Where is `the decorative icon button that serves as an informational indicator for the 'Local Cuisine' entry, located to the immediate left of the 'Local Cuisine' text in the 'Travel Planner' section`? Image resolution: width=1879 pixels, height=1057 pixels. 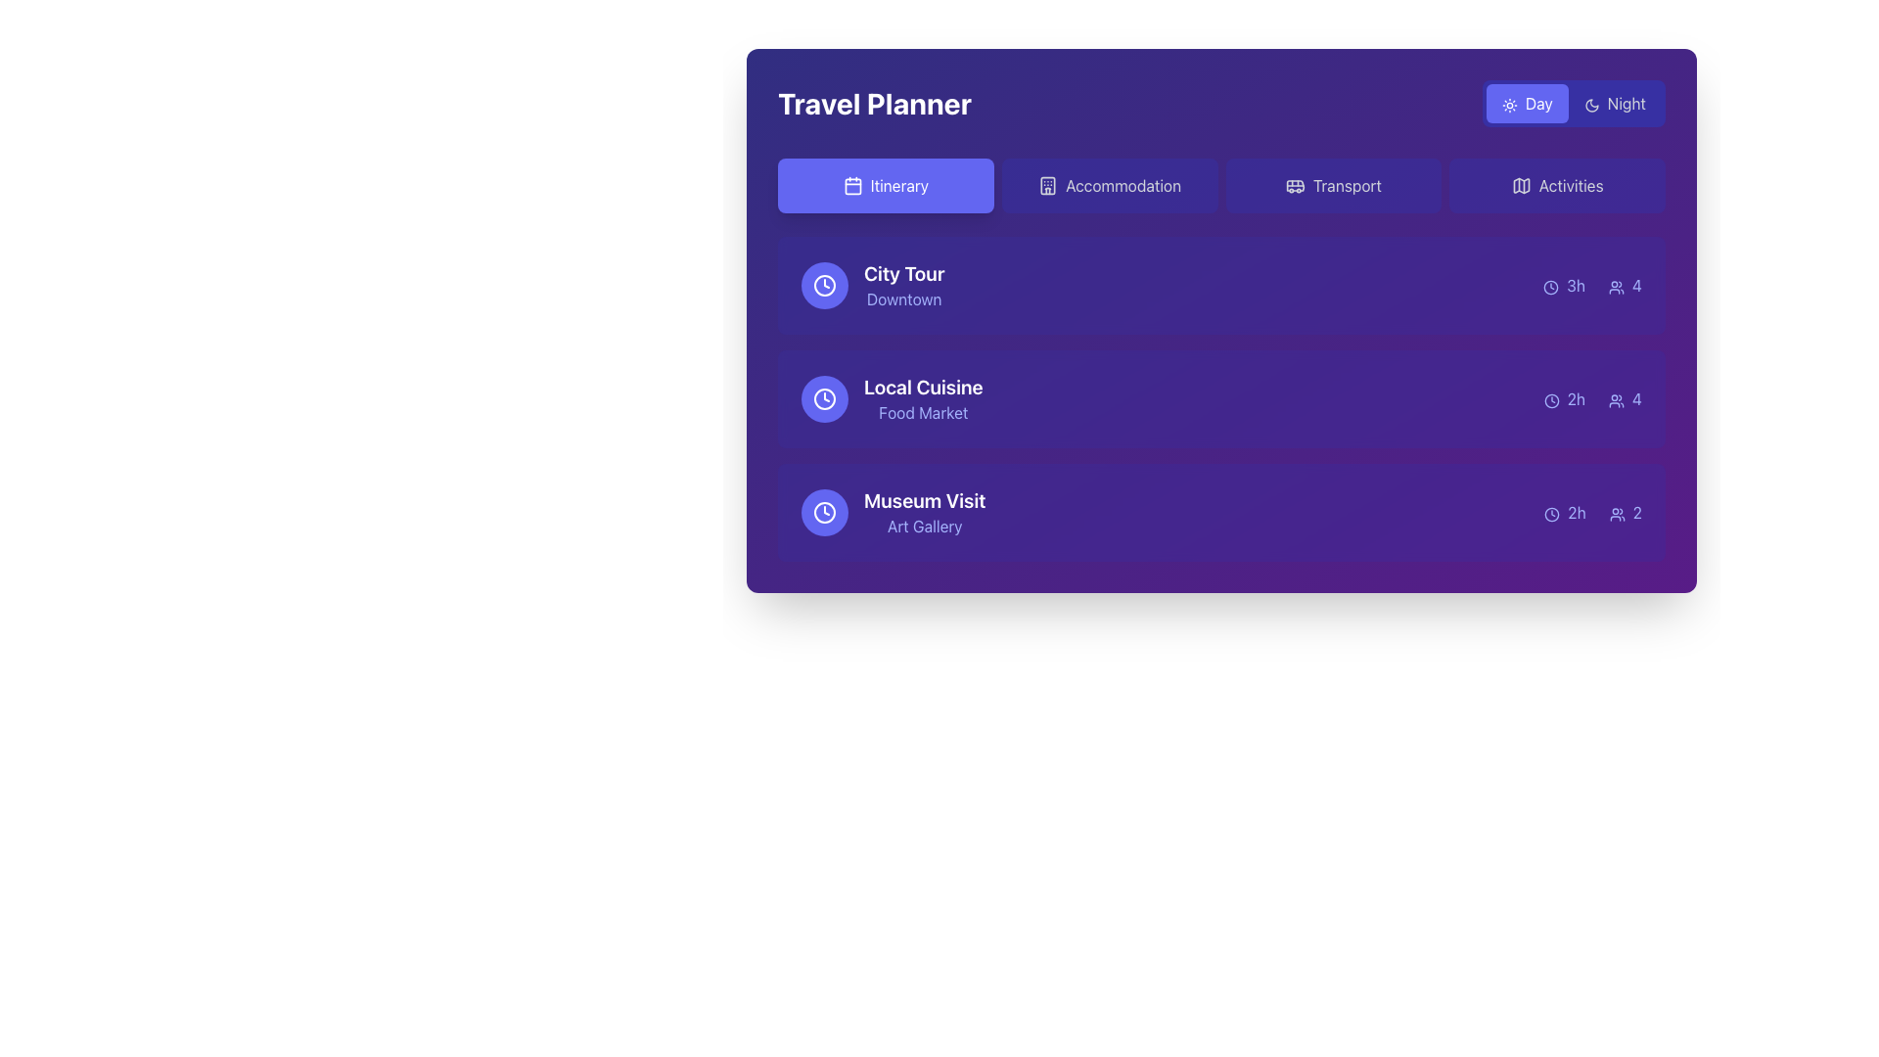
the decorative icon button that serves as an informational indicator for the 'Local Cuisine' entry, located to the immediate left of the 'Local Cuisine' text in the 'Travel Planner' section is located at coordinates (825, 398).